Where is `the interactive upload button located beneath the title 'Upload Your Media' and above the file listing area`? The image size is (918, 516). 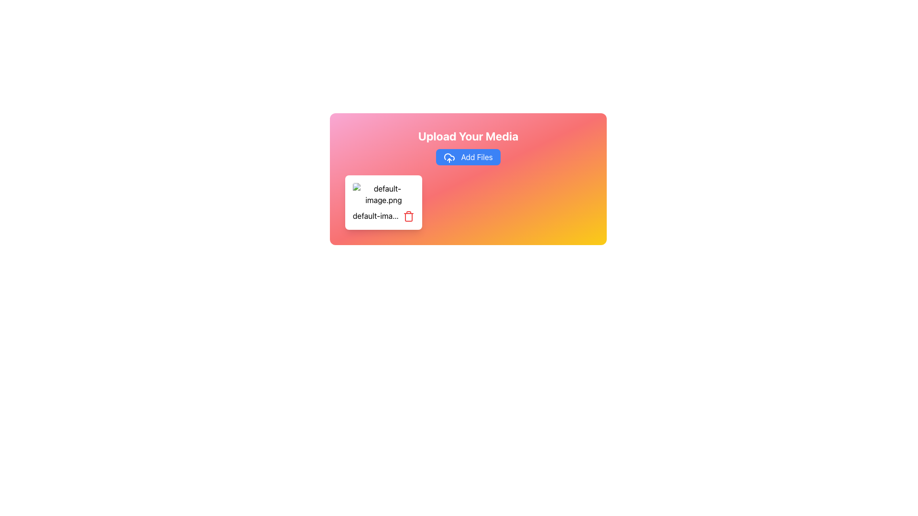 the interactive upload button located beneath the title 'Upload Your Media' and above the file listing area is located at coordinates (468, 157).